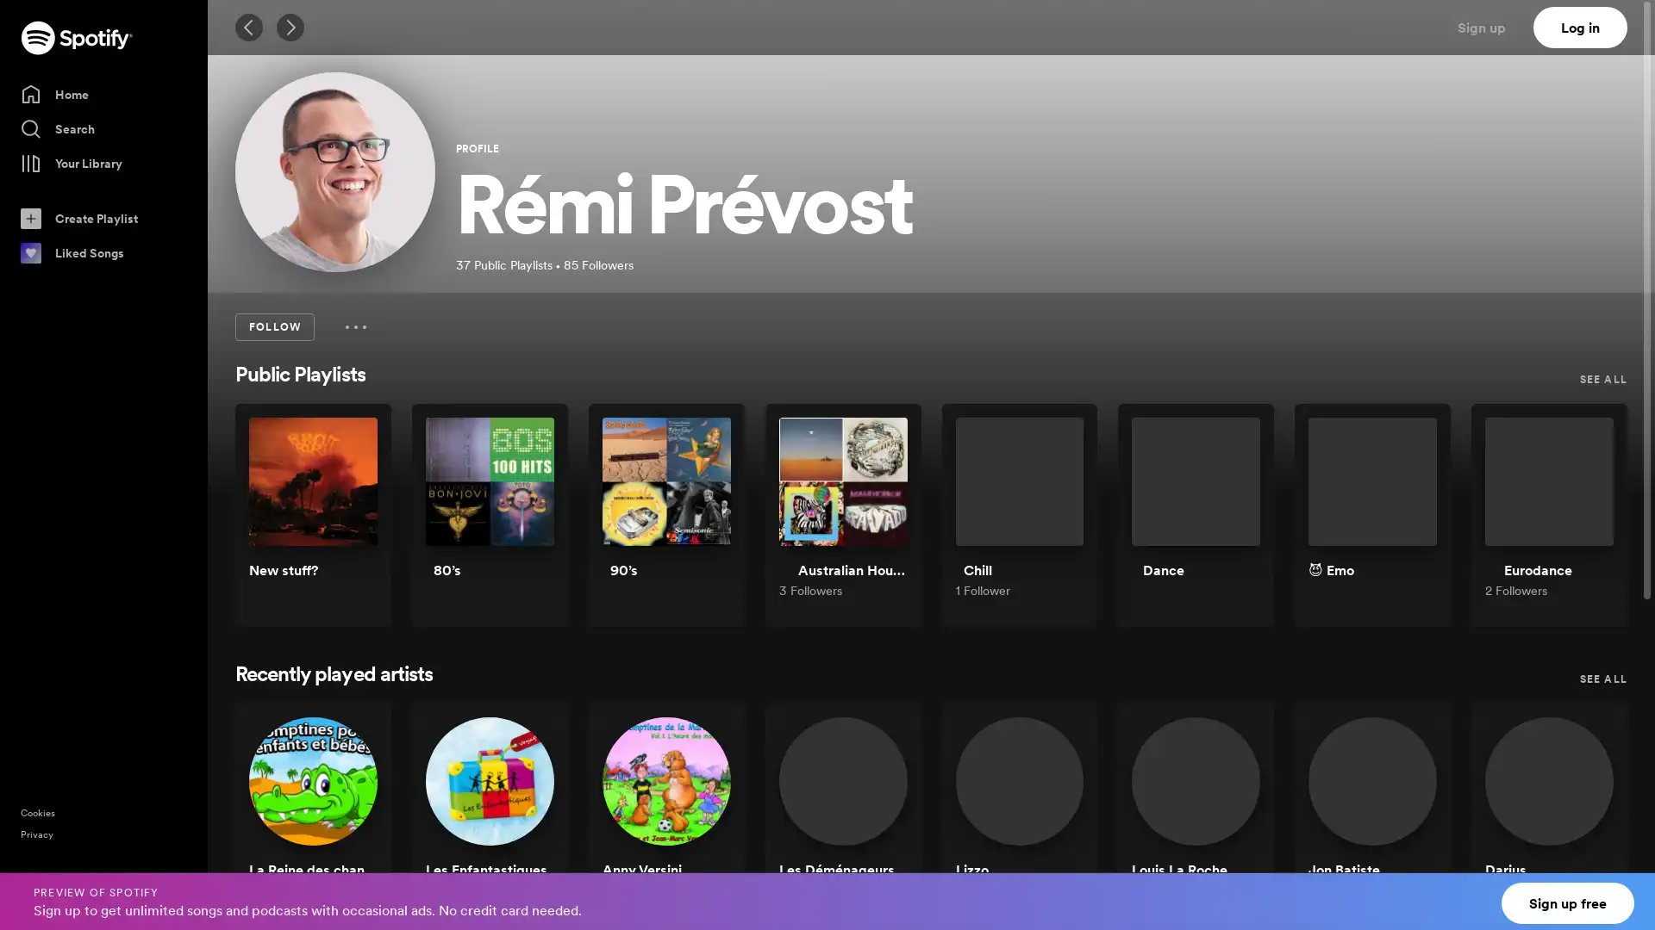  What do you see at coordinates (524, 524) in the screenshot?
I see `Play 80s` at bounding box center [524, 524].